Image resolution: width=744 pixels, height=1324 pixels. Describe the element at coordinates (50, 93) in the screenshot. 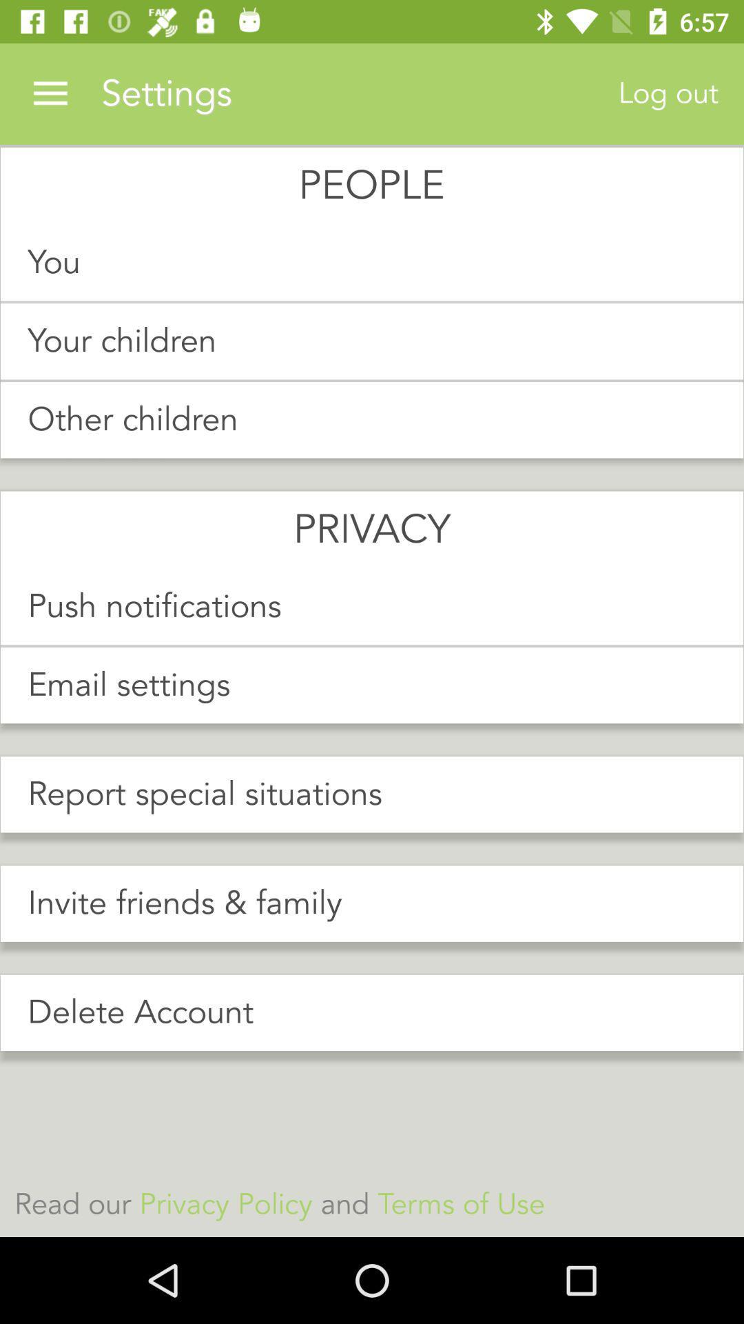

I see `the icon above the you item` at that location.